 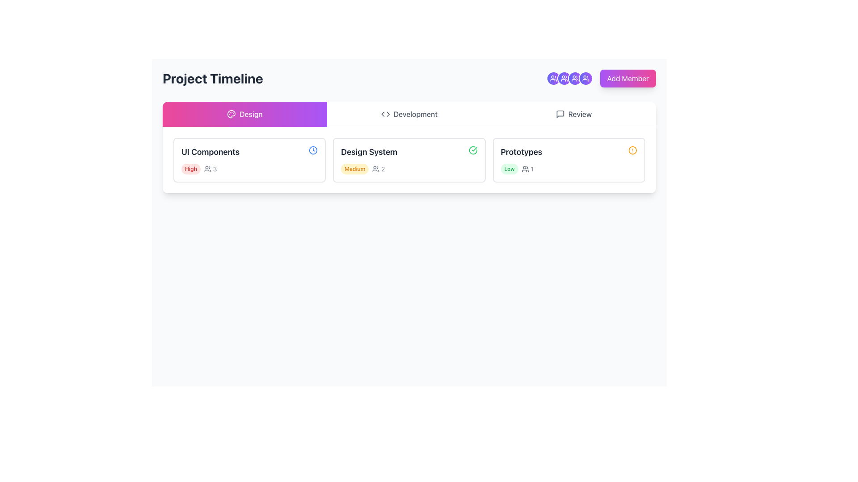 I want to click on the comment icon located at the top right of the interface, adjacent to the 'Review' tab heading and other functional icons, so click(x=559, y=113).